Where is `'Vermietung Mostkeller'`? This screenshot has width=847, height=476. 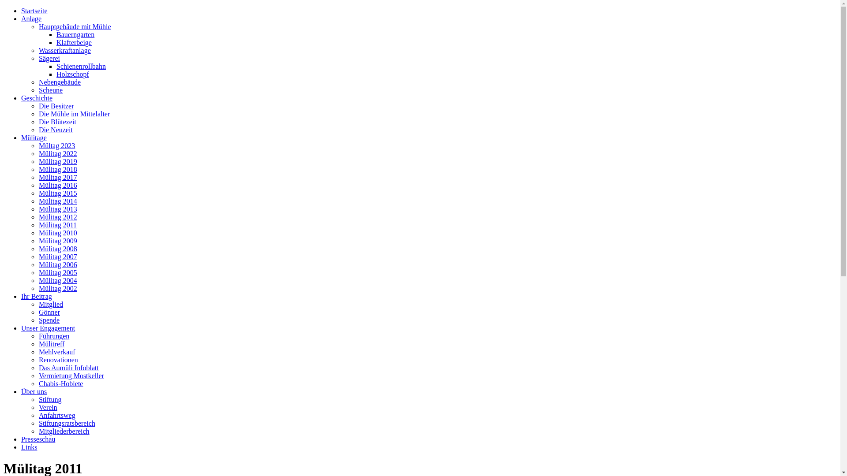 'Vermietung Mostkeller' is located at coordinates (71, 376).